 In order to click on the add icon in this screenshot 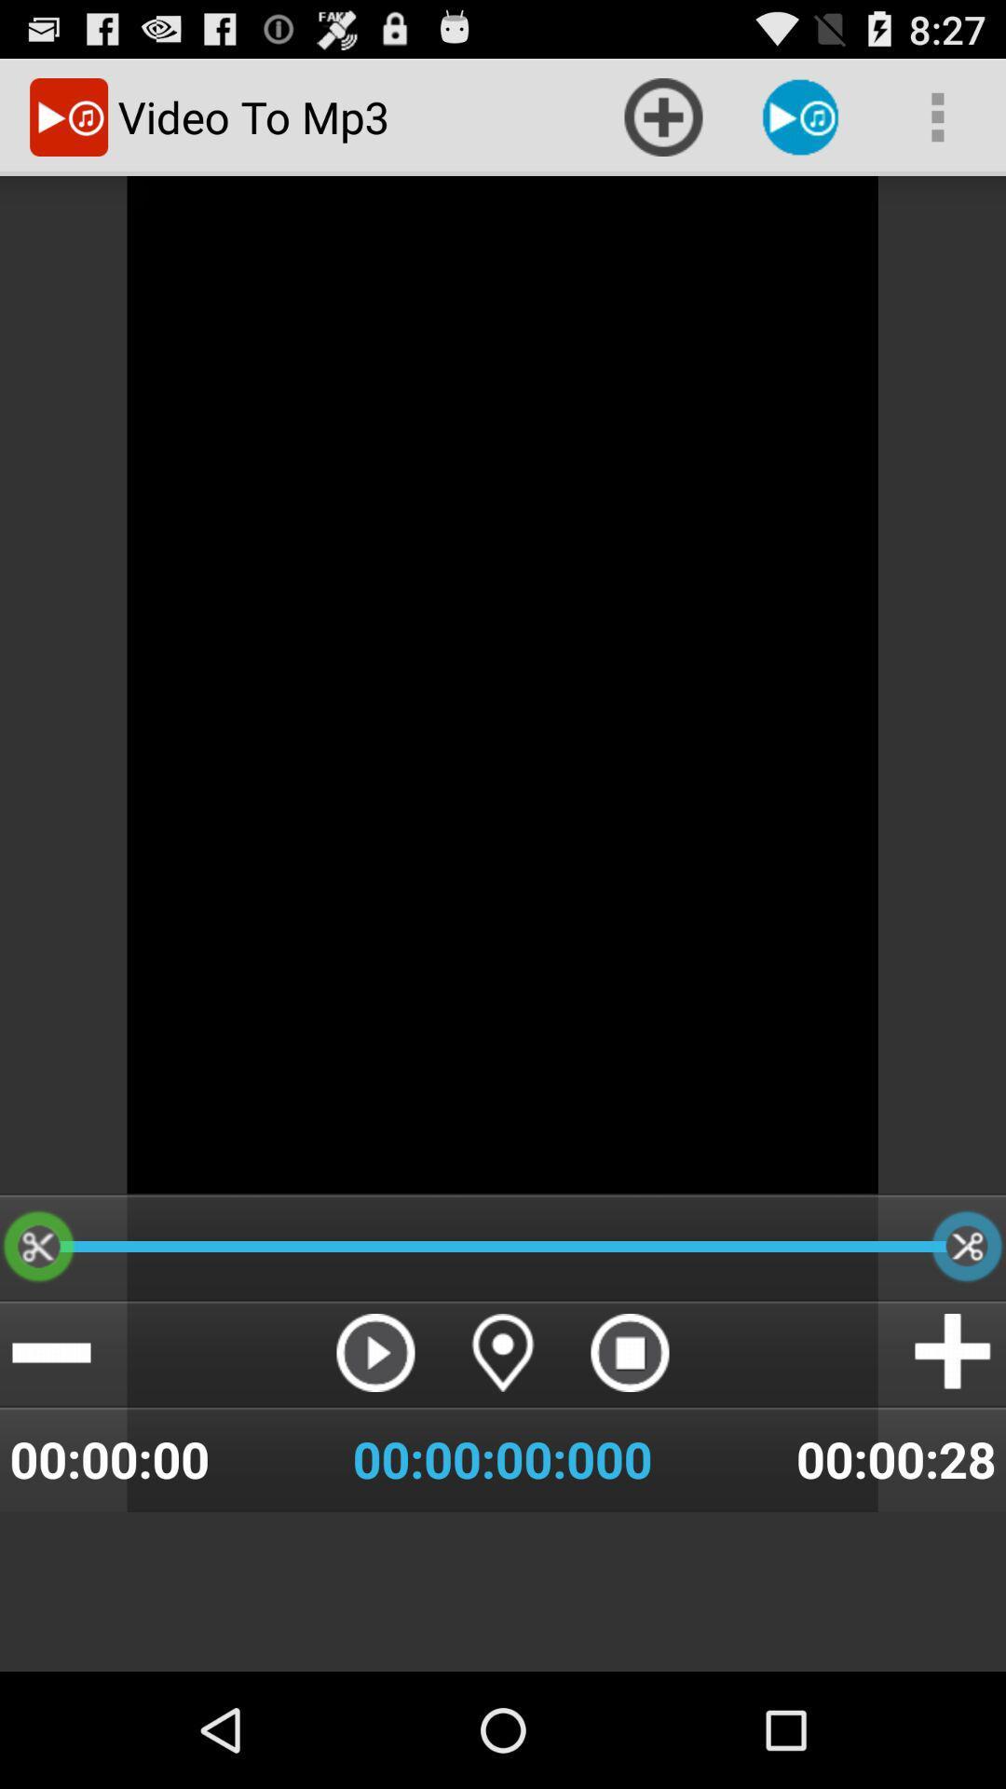, I will do `click(954, 1447)`.